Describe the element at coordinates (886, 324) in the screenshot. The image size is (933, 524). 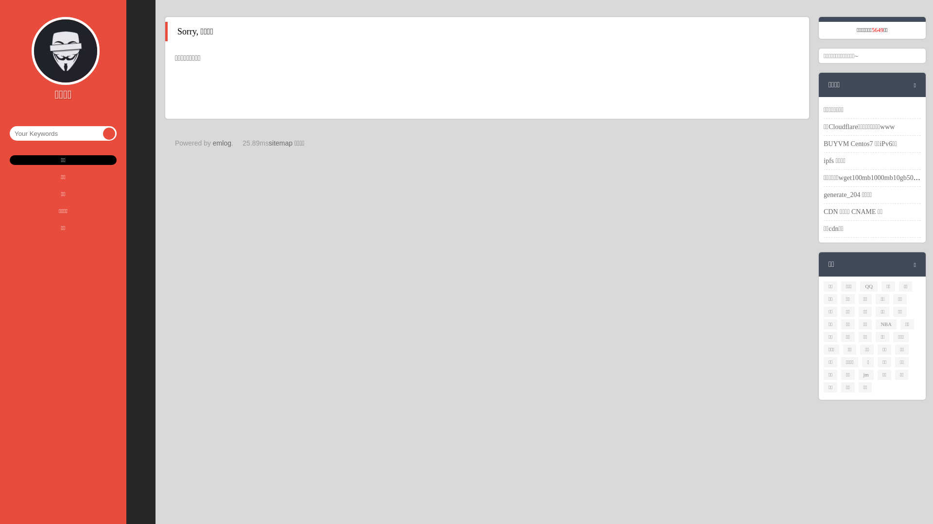
I see `'NBA'` at that location.